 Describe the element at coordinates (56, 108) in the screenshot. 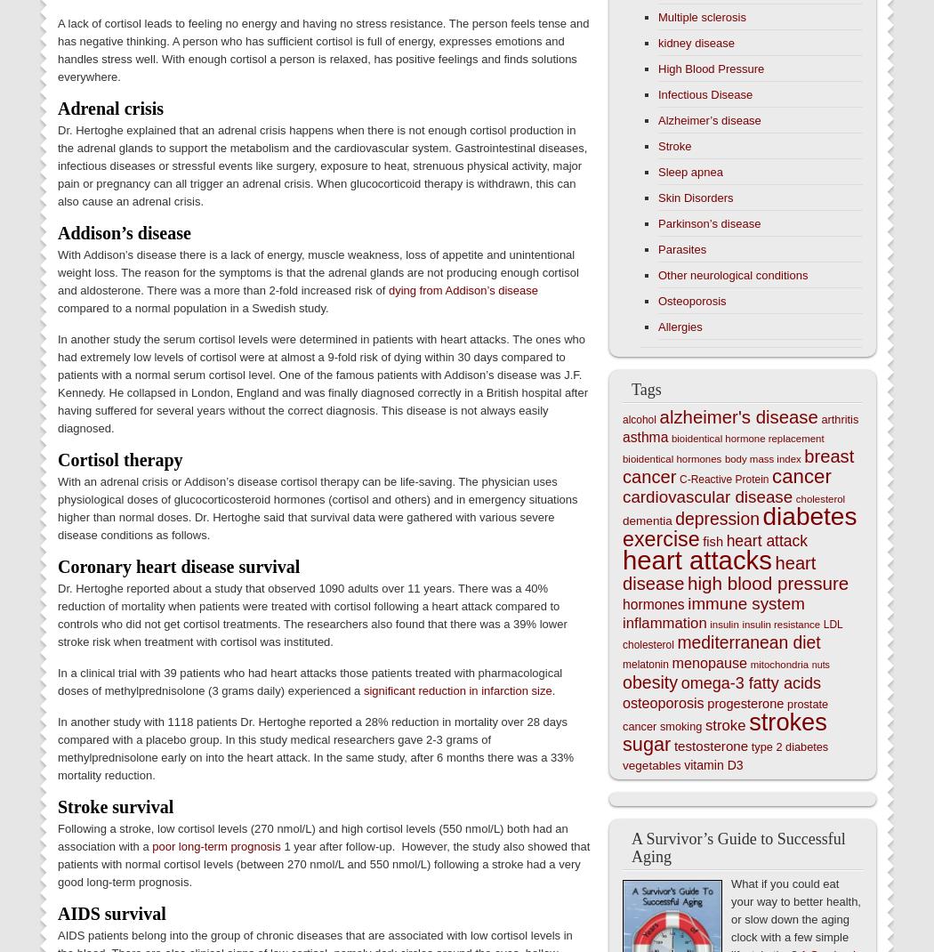

I see `'Adrenal crisis'` at that location.